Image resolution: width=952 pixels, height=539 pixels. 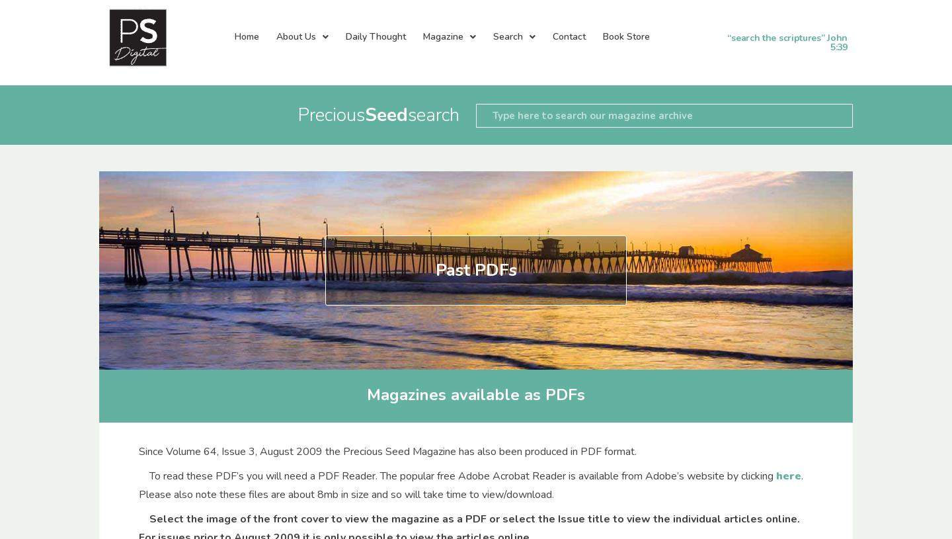 What do you see at coordinates (305, 139) in the screenshot?
I see `'2023 Volume 78 Issue 3'` at bounding box center [305, 139].